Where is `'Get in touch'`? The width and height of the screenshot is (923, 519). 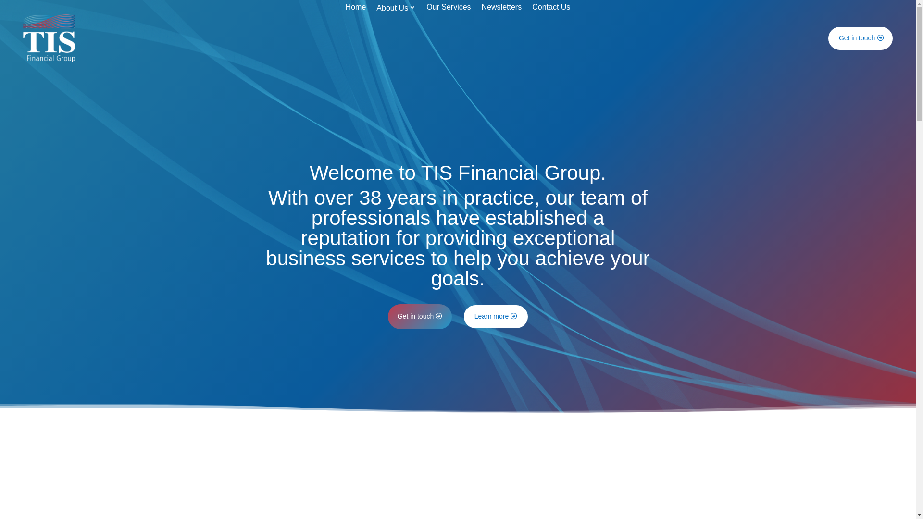 'Get in touch' is located at coordinates (387, 317).